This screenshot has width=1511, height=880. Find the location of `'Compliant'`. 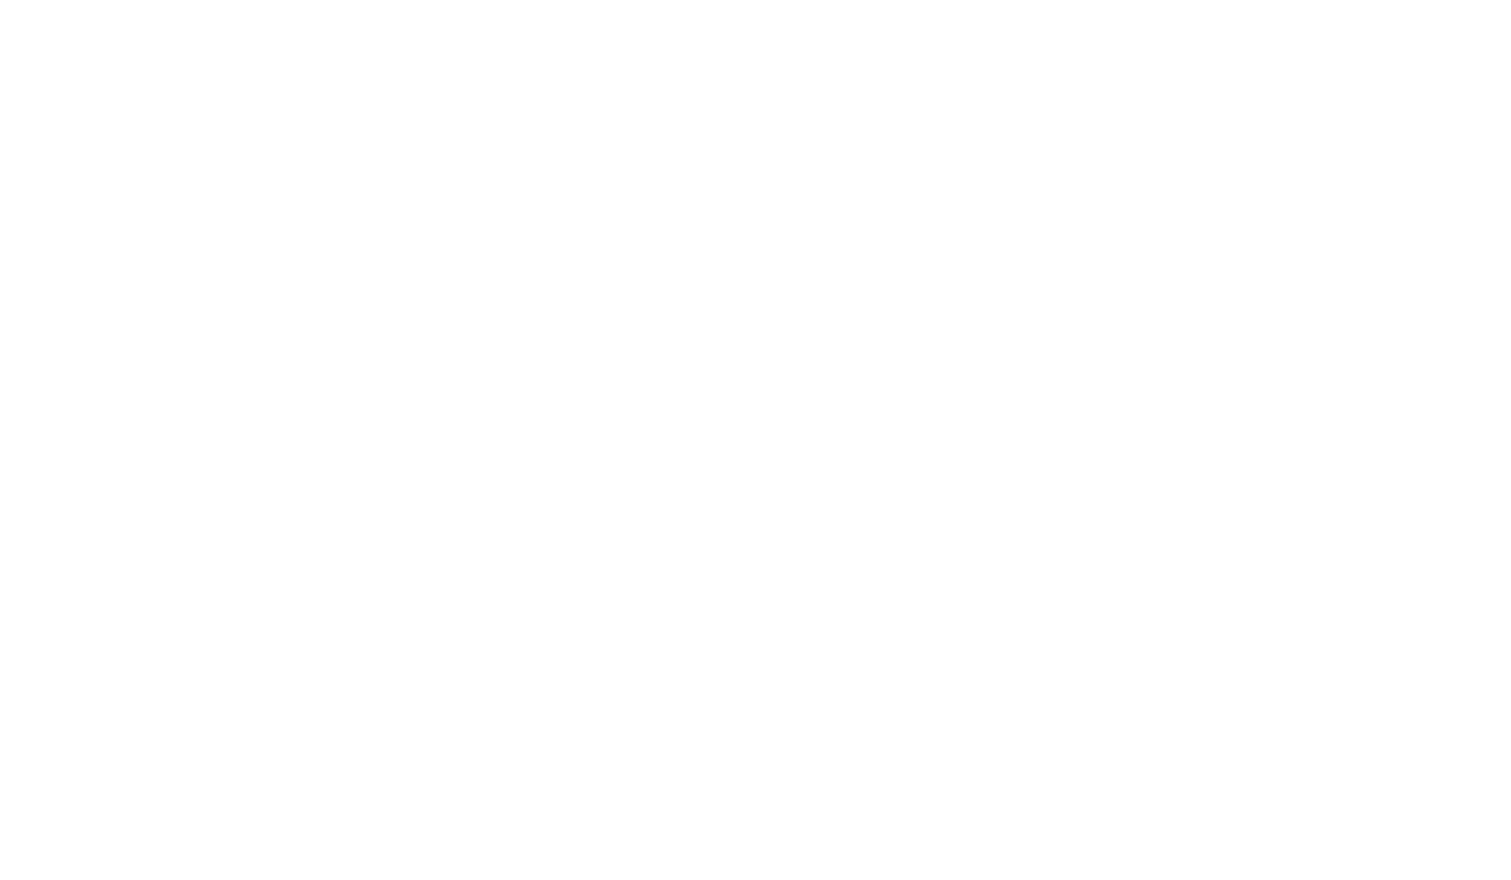

'Compliant' is located at coordinates (398, 385).